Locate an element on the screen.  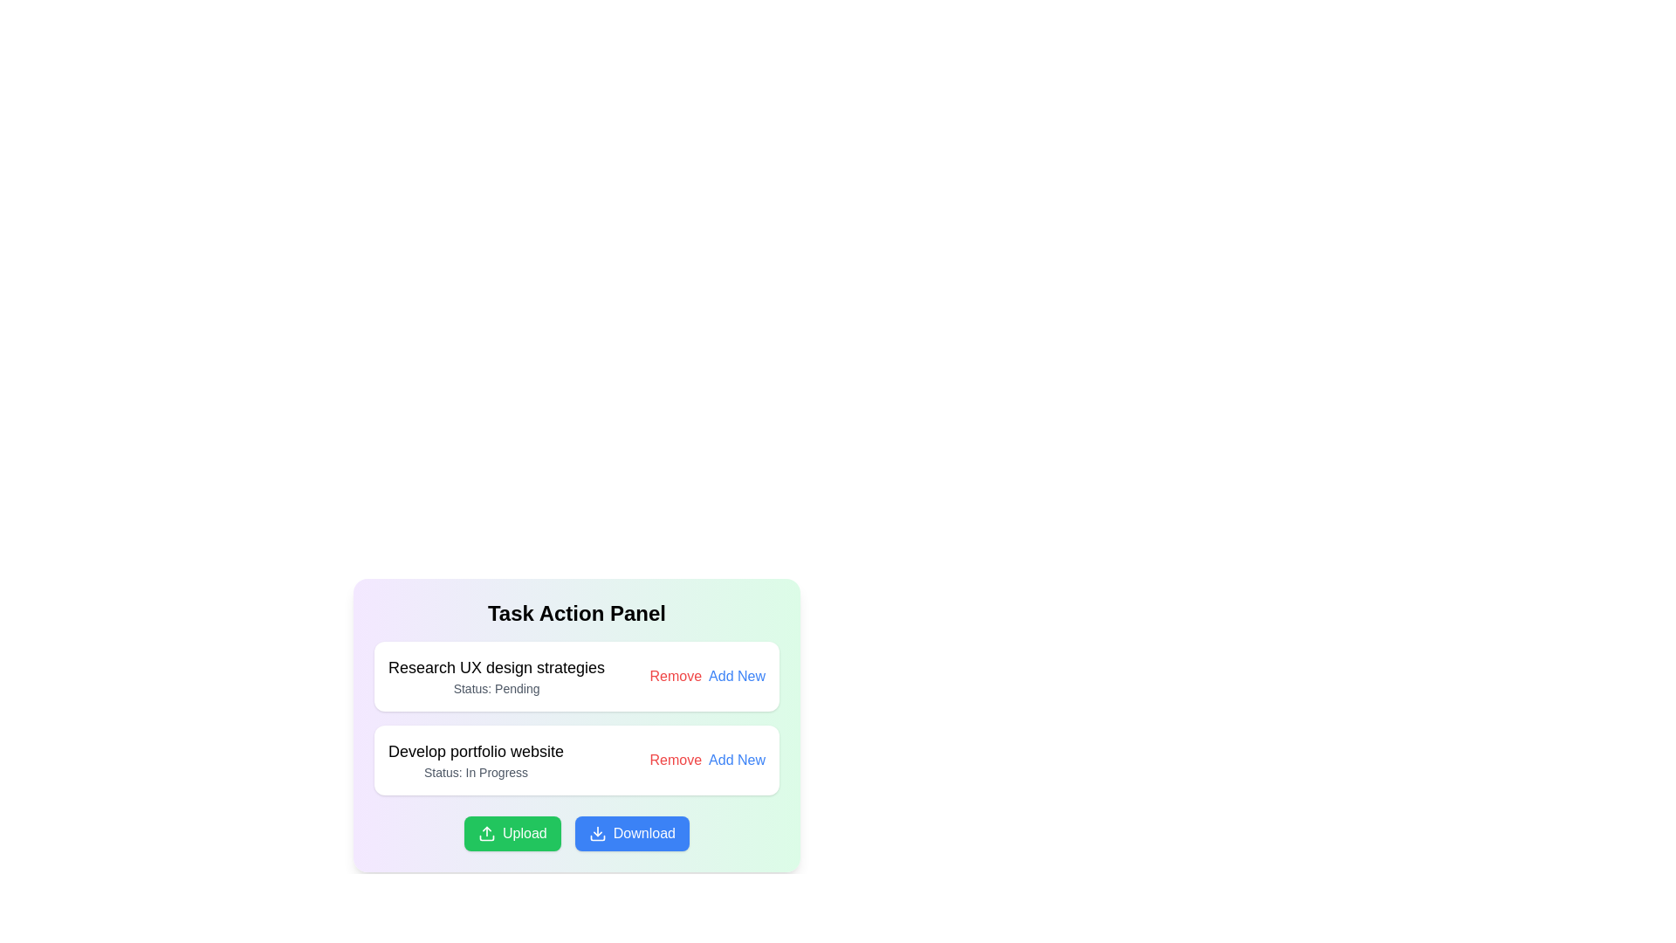
the download icon located within the blue 'Download' button at the lower right of the task panel interface, adjacent to the green 'Upload' button is located at coordinates (597, 833).